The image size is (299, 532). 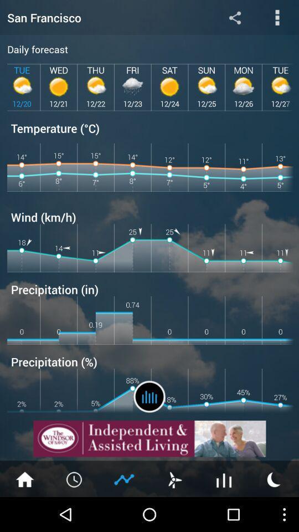 I want to click on click on add, so click(x=149, y=438).